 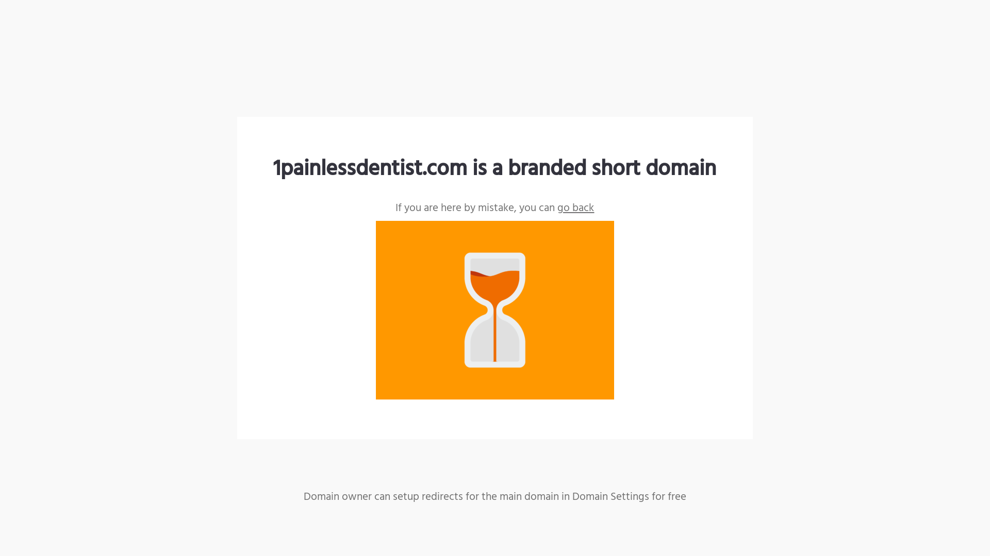 What do you see at coordinates (556, 208) in the screenshot?
I see `'go back'` at bounding box center [556, 208].